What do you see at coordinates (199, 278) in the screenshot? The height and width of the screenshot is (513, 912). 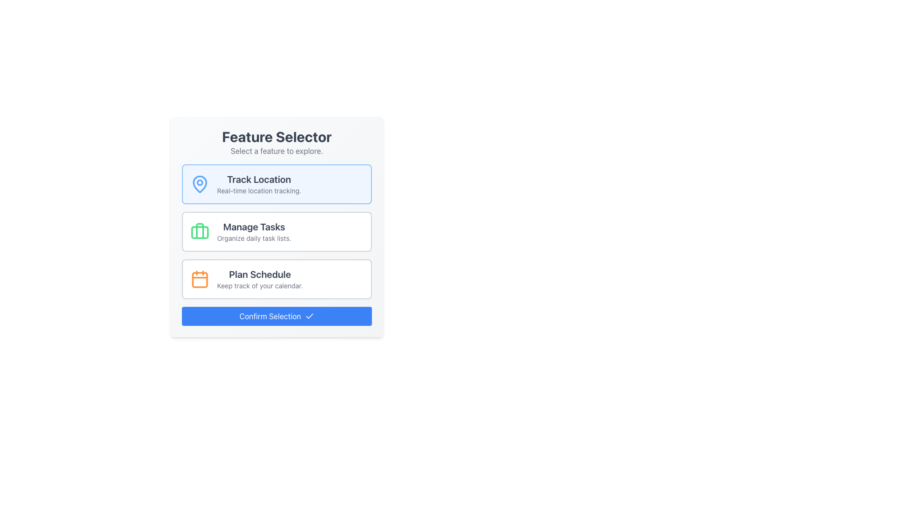 I see `the design of the calendar icon in orange hue, which is part of the 'Plan Schedule' card located at the bottom of the 'Feature Selector' interface` at bounding box center [199, 278].